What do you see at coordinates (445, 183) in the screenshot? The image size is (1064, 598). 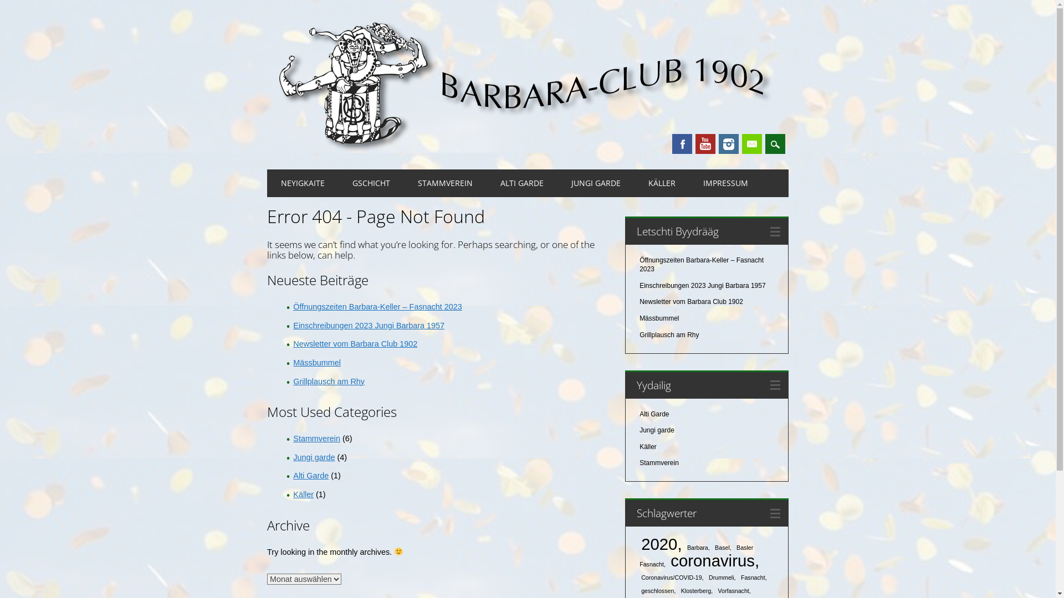 I see `'STAMMVEREIN'` at bounding box center [445, 183].